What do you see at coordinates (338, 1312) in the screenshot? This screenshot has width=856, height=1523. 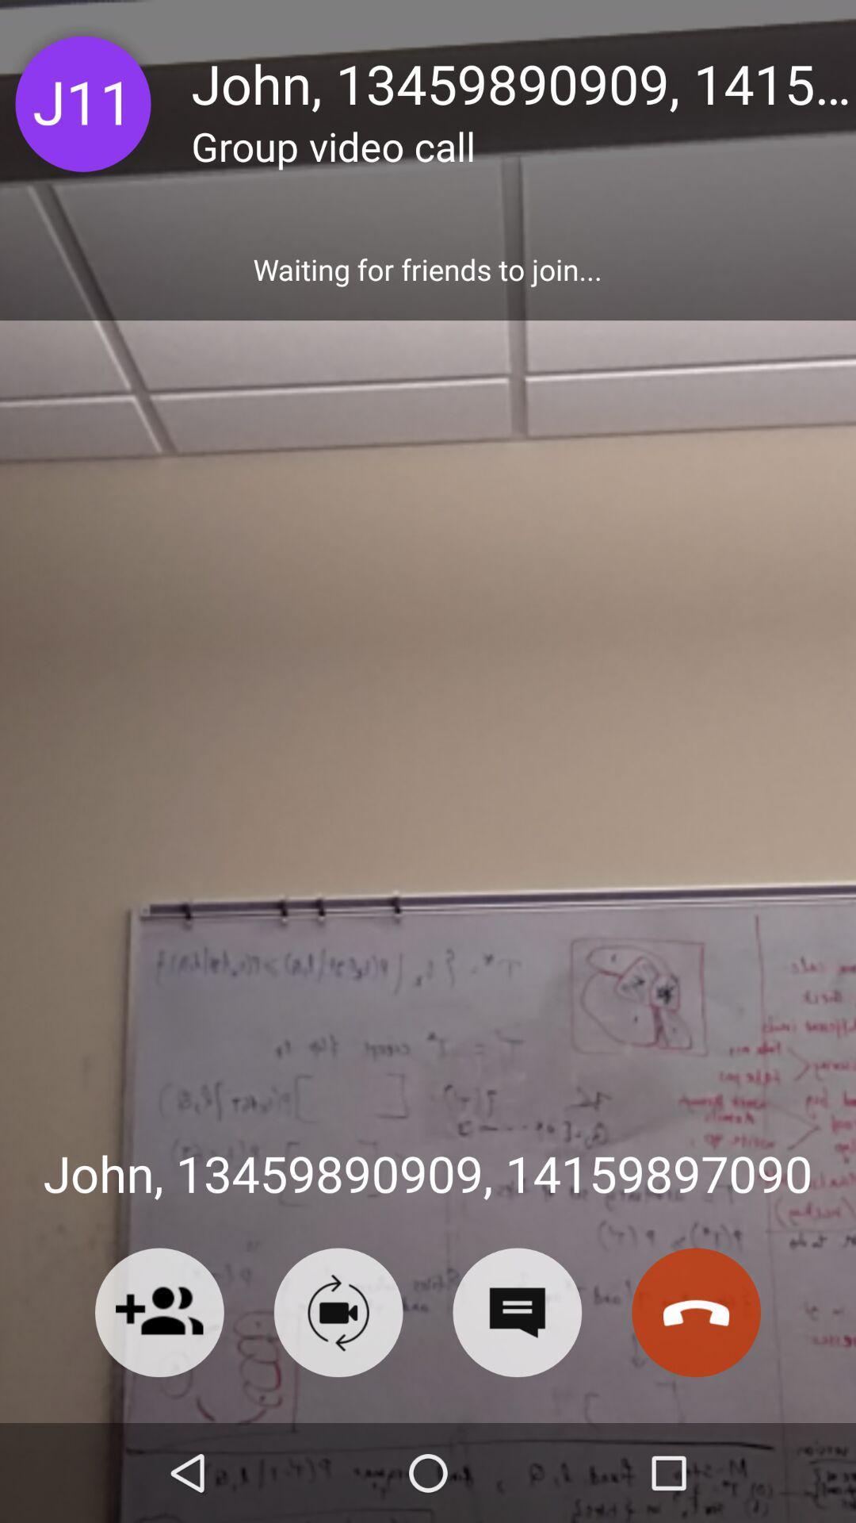 I see `the videocam icon` at bounding box center [338, 1312].